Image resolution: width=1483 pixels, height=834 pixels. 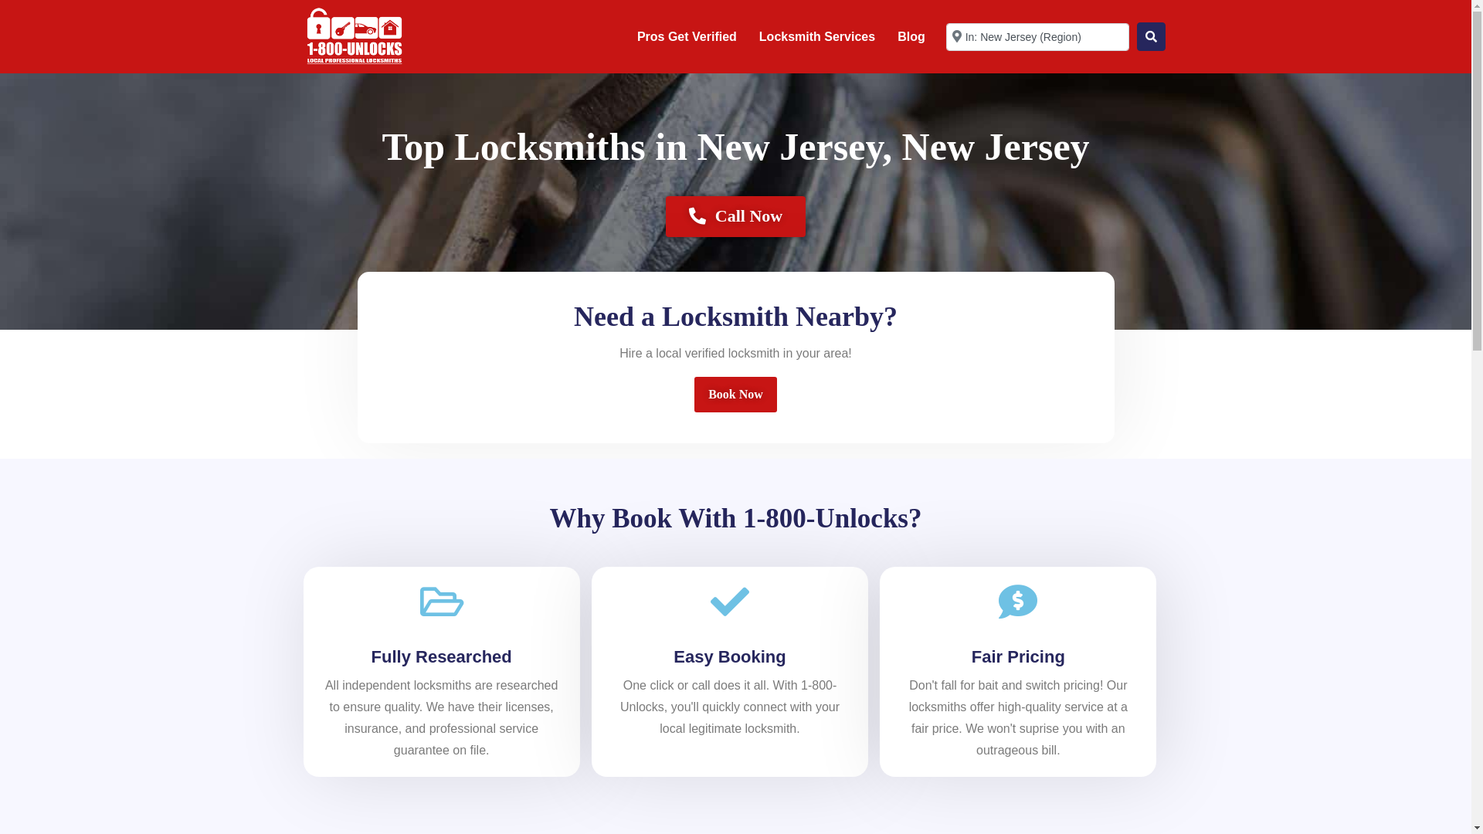 What do you see at coordinates (735, 393) in the screenshot?
I see `'Book Now'` at bounding box center [735, 393].